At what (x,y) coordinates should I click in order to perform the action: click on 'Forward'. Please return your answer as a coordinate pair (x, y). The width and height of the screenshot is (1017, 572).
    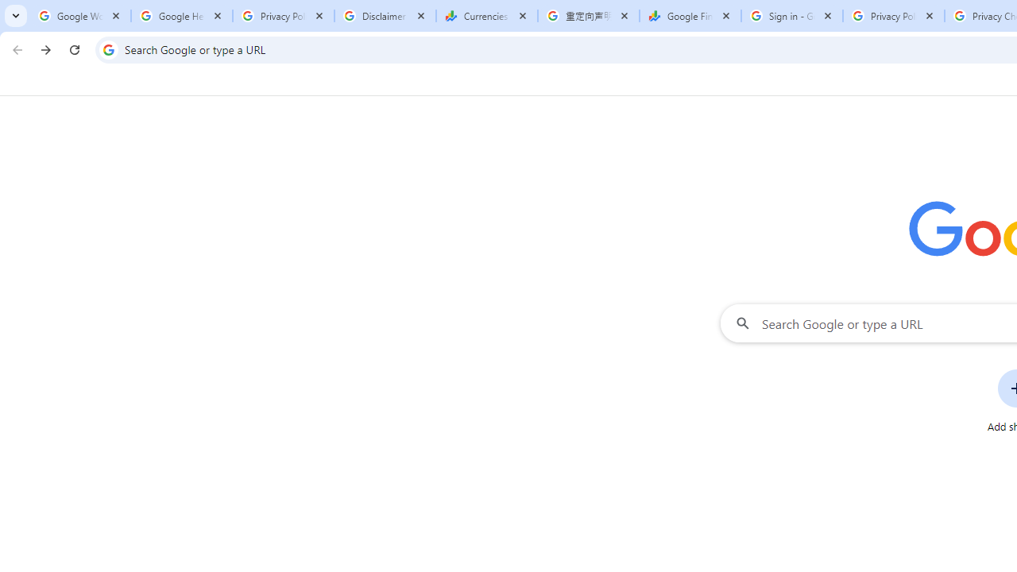
    Looking at the image, I should click on (46, 48).